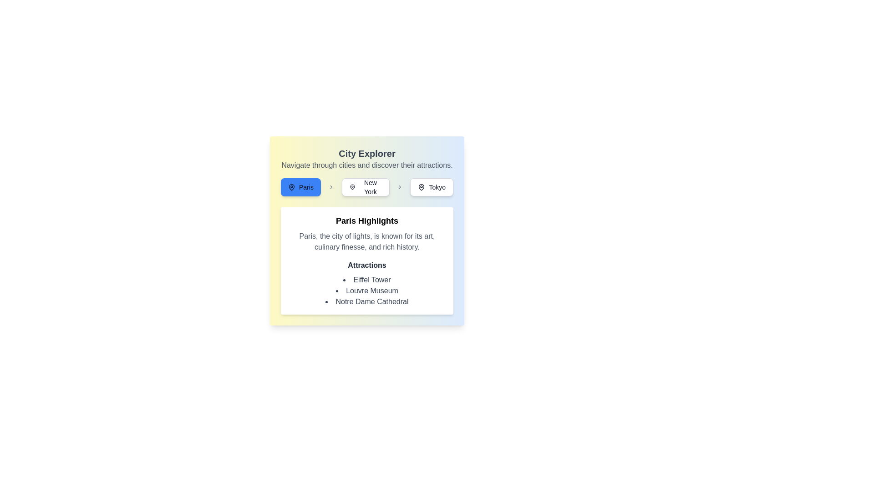  What do you see at coordinates (367, 301) in the screenshot?
I see `the third list item in the 'Attractions' section, which displays 'Notre Dame Cathedral' in a gray tone and is styled with a bullet point` at bounding box center [367, 301].